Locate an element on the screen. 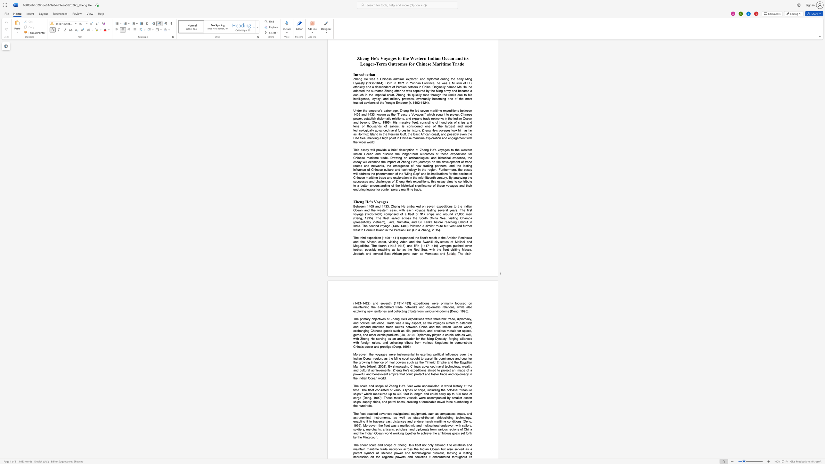 The image size is (825, 464). the subset text "a lasting impressi" within the text "a lasting impression" is located at coordinates (459, 452).